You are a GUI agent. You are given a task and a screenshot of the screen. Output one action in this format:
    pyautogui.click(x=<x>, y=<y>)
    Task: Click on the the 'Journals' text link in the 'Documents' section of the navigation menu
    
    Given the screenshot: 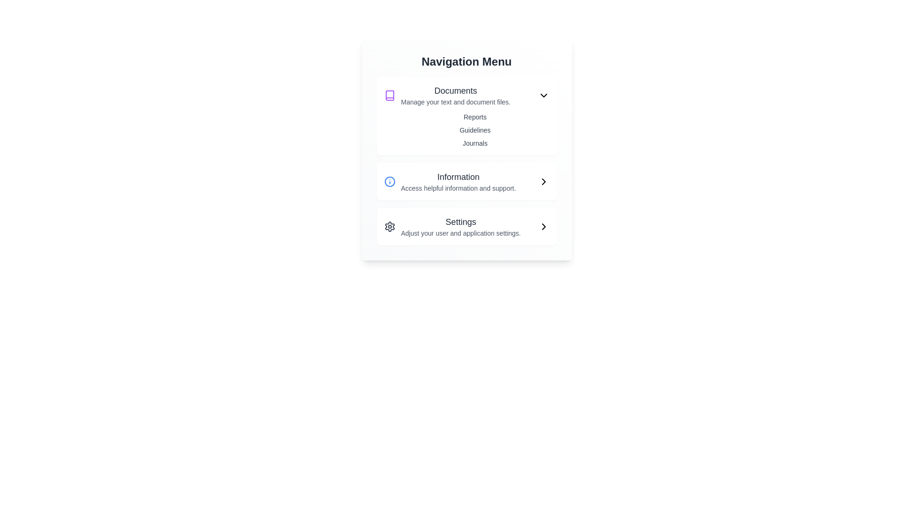 What is the action you would take?
    pyautogui.click(x=466, y=143)
    